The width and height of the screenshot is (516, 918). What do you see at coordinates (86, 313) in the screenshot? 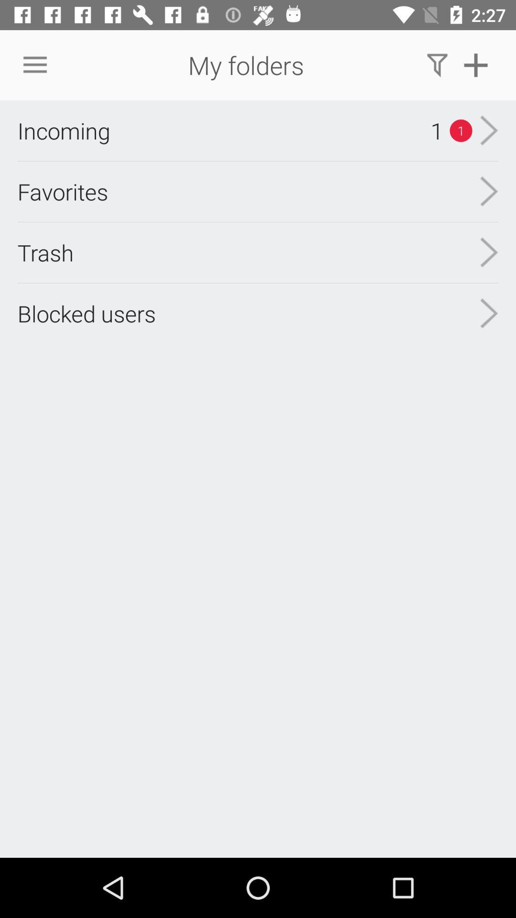
I see `the blocked users item` at bounding box center [86, 313].